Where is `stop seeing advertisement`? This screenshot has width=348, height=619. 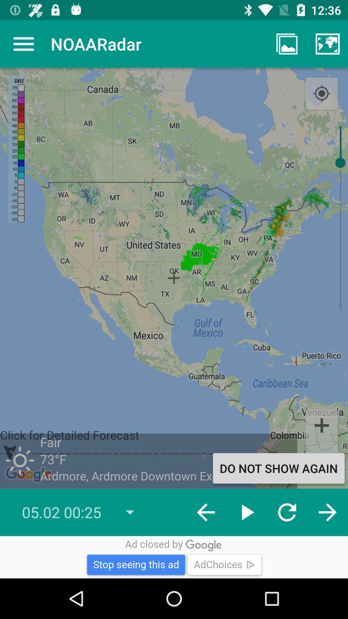
stop seeing advertisement is located at coordinates (174, 557).